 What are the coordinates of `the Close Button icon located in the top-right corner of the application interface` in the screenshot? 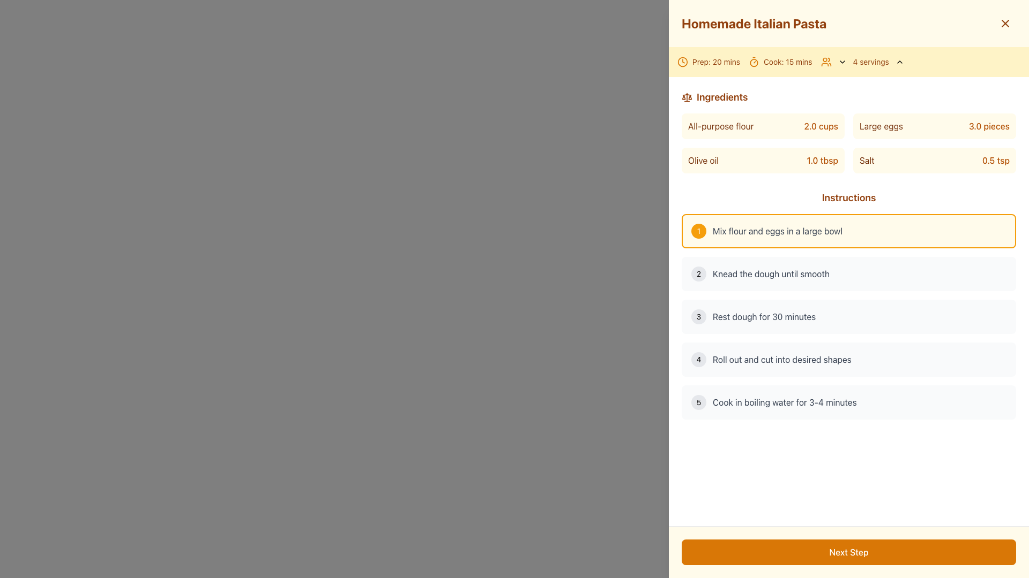 It's located at (1005, 23).